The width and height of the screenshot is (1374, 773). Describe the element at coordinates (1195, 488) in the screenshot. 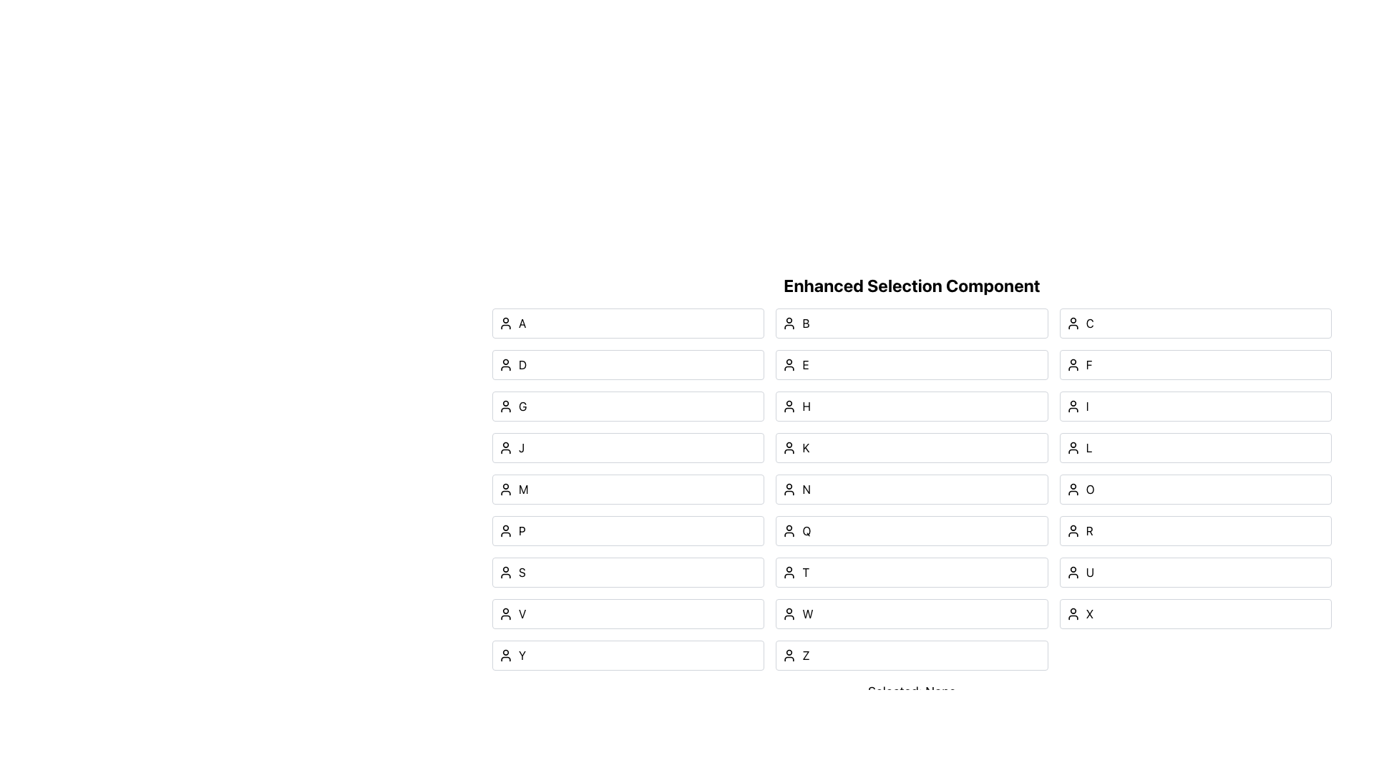

I see `the selection button in the grid layout that activates the option represented by 'O'` at that location.